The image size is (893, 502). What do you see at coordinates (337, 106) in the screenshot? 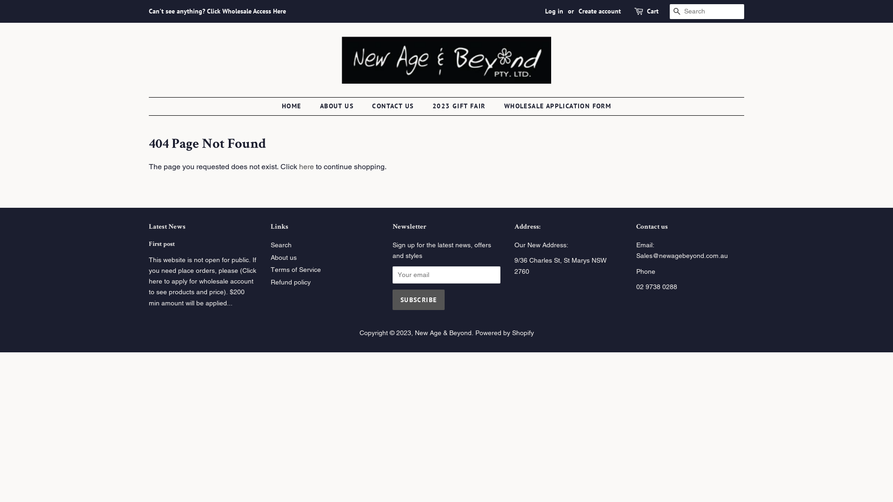
I see `'ABOUT US'` at bounding box center [337, 106].